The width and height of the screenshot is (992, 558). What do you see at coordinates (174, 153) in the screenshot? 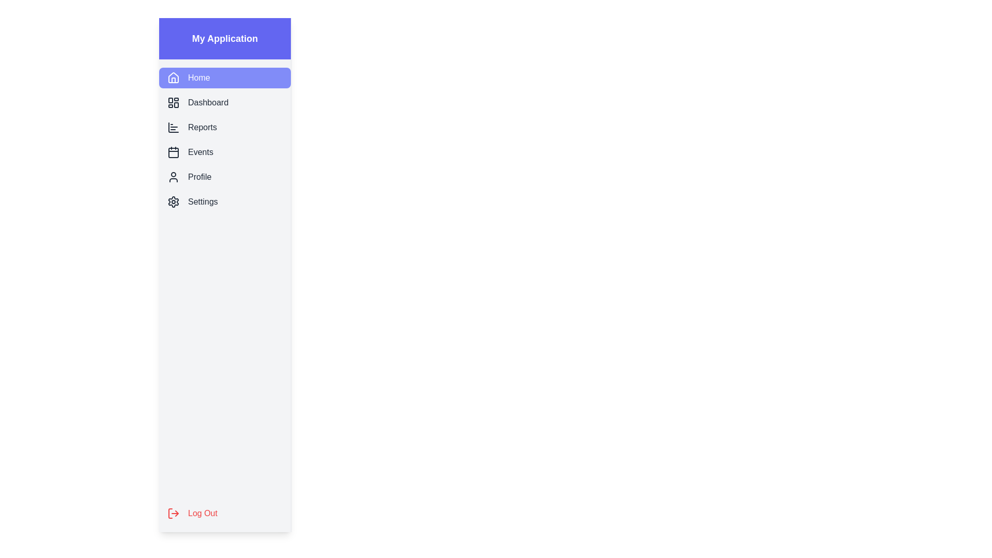
I see `the decorative visual element within the calendar icon located in the 'Events' menu item of the vertical navigation bar` at bounding box center [174, 153].